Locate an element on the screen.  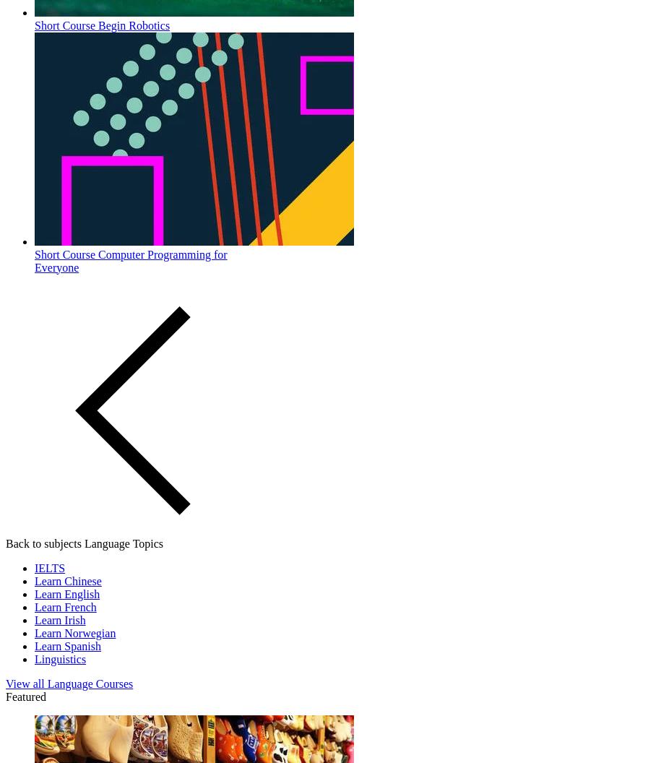
'Featured' is located at coordinates (25, 696).